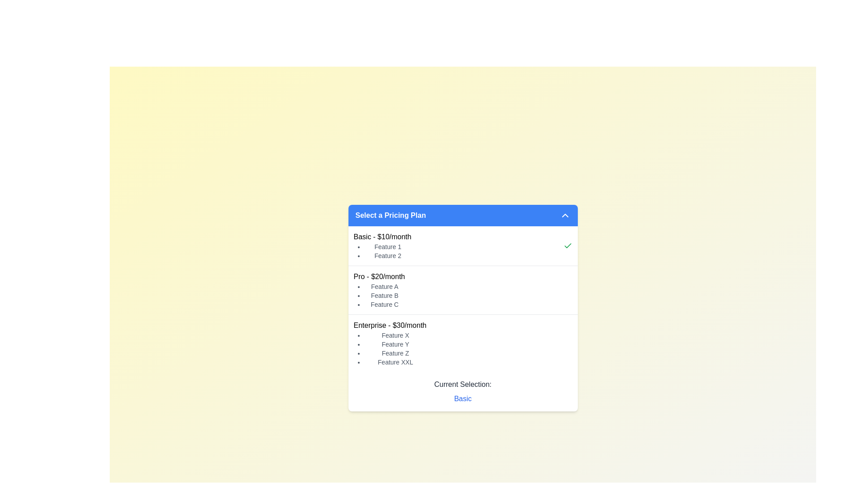  I want to click on the list item displaying 'Feature C' under the 'Pro - $20/month' pricing section, which is the third item in the bullet-point list, so click(384, 304).